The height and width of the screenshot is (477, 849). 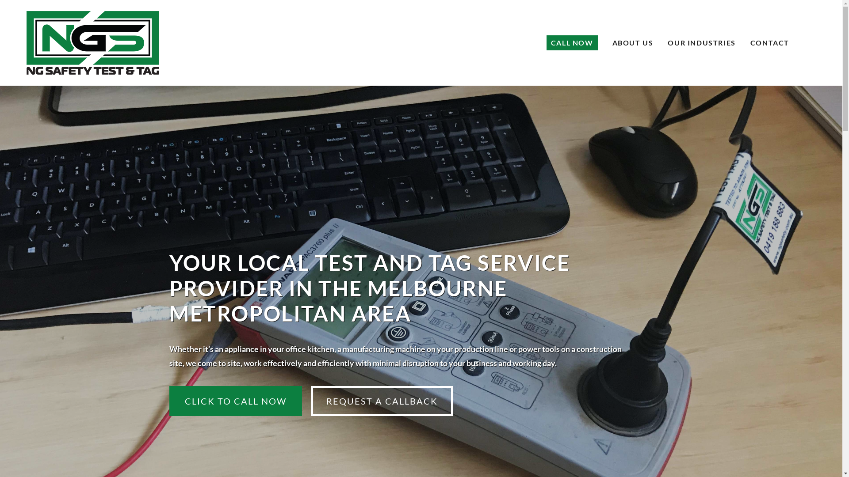 I want to click on 'ABOUT US', so click(x=612, y=42).